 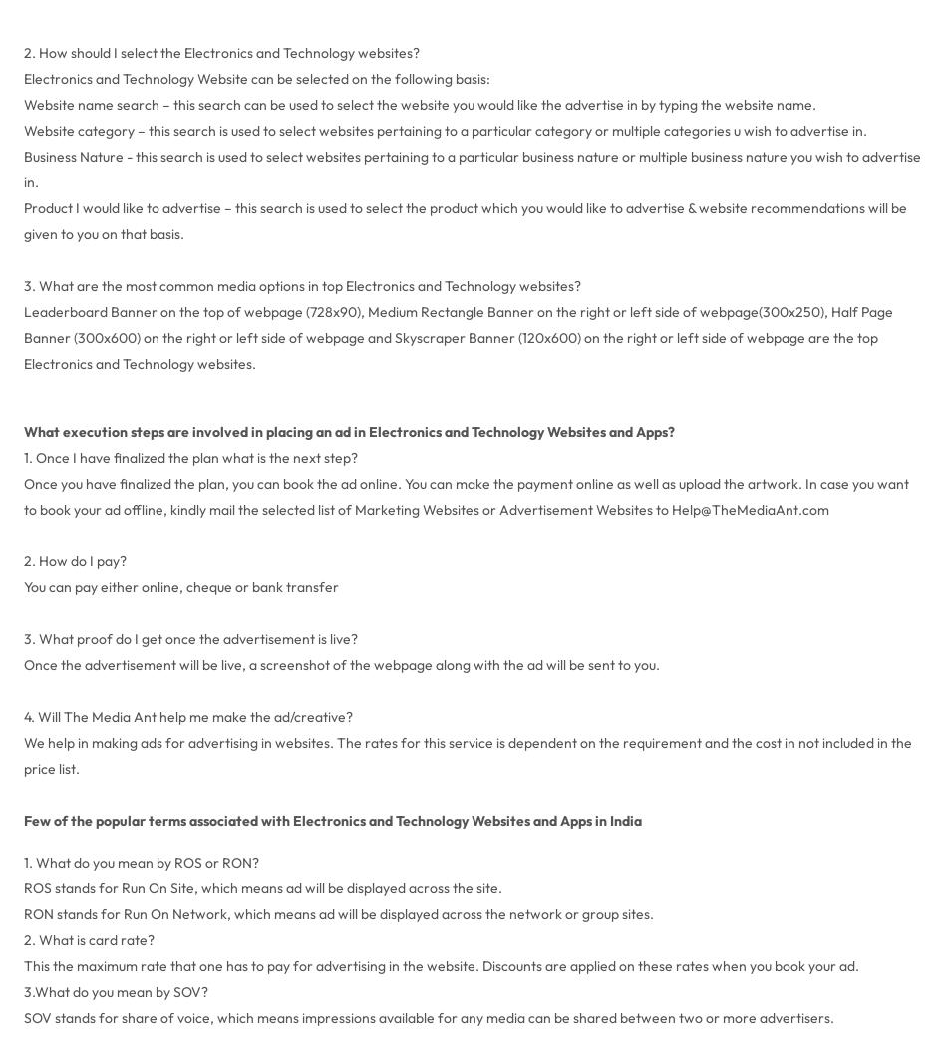 What do you see at coordinates (260, 885) in the screenshot?
I see `'ROS stands for Run On Site, which means ad will be displayed across the site.'` at bounding box center [260, 885].